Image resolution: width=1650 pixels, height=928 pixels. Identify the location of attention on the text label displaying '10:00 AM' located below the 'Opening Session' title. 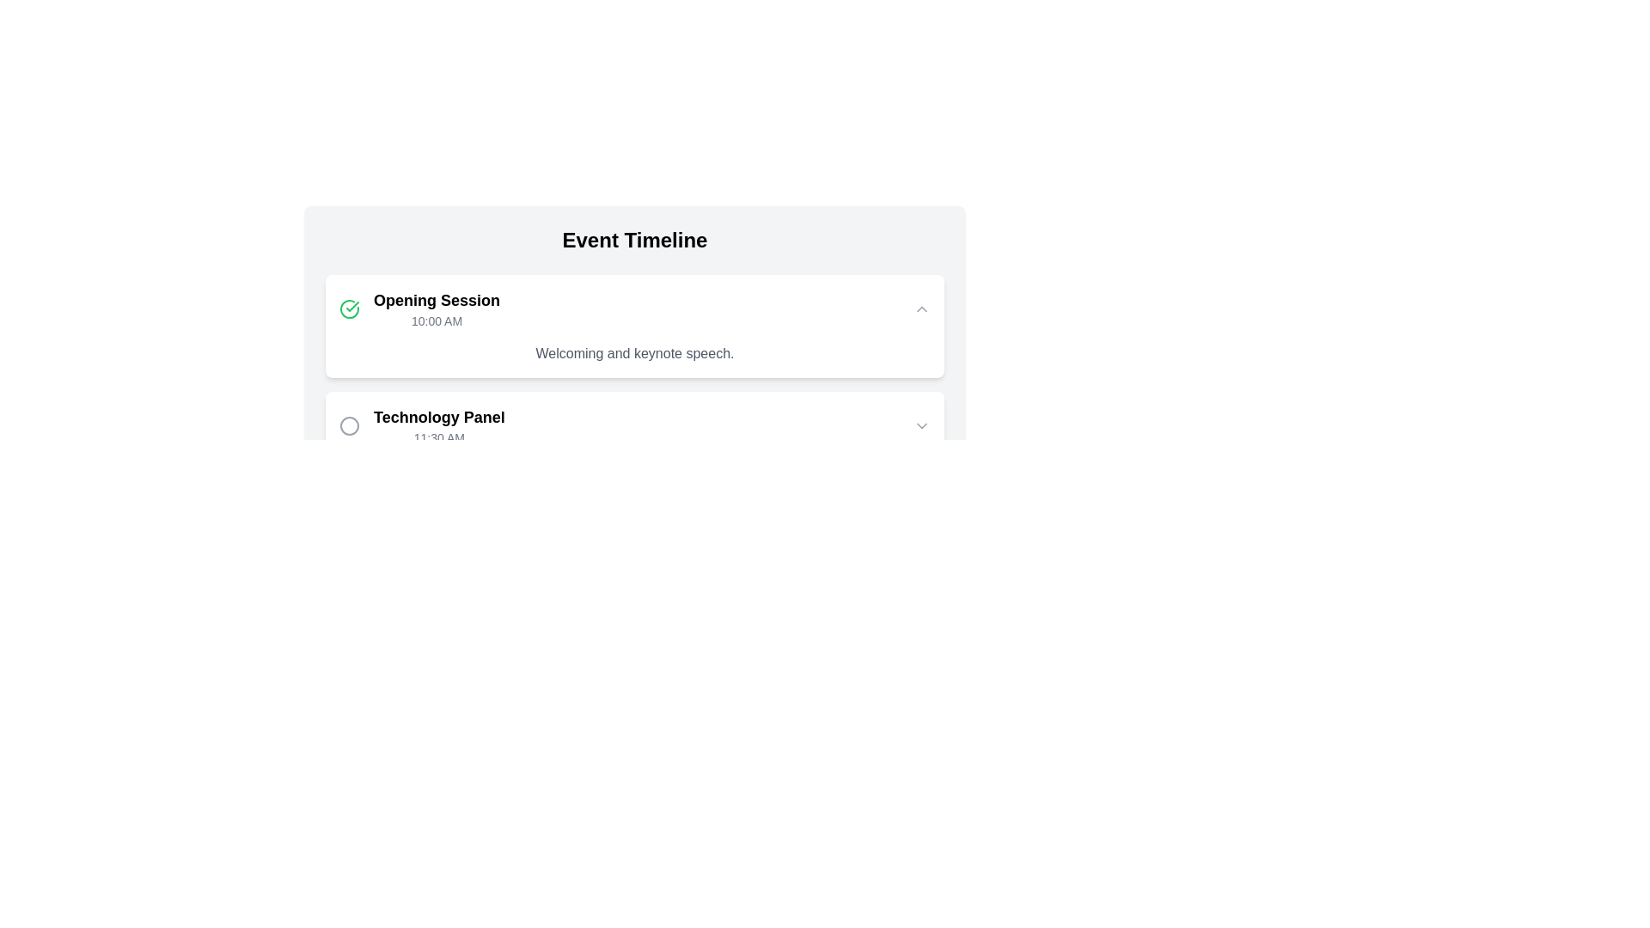
(437, 321).